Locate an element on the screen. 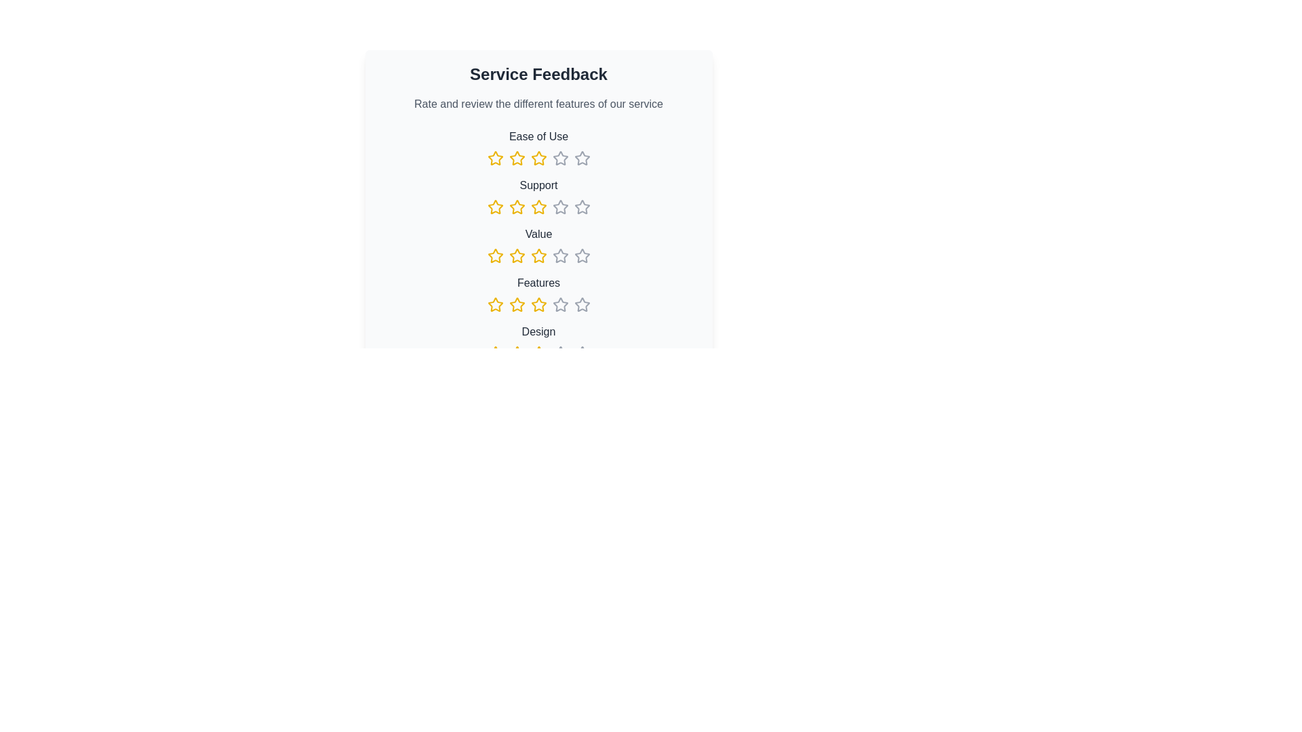 The width and height of the screenshot is (1302, 732). text label 'Design' which is positioned as the fifth item in a vertical stack of labeled sections for a feedback form is located at coordinates (538, 331).